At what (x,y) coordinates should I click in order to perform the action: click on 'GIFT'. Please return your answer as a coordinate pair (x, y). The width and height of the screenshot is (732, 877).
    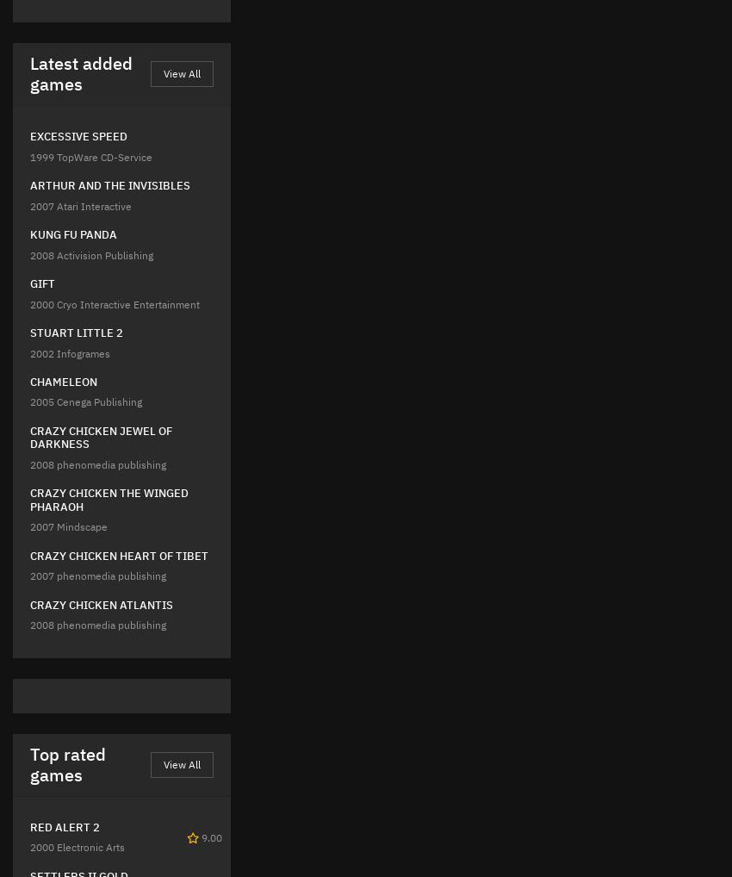
    Looking at the image, I should click on (42, 283).